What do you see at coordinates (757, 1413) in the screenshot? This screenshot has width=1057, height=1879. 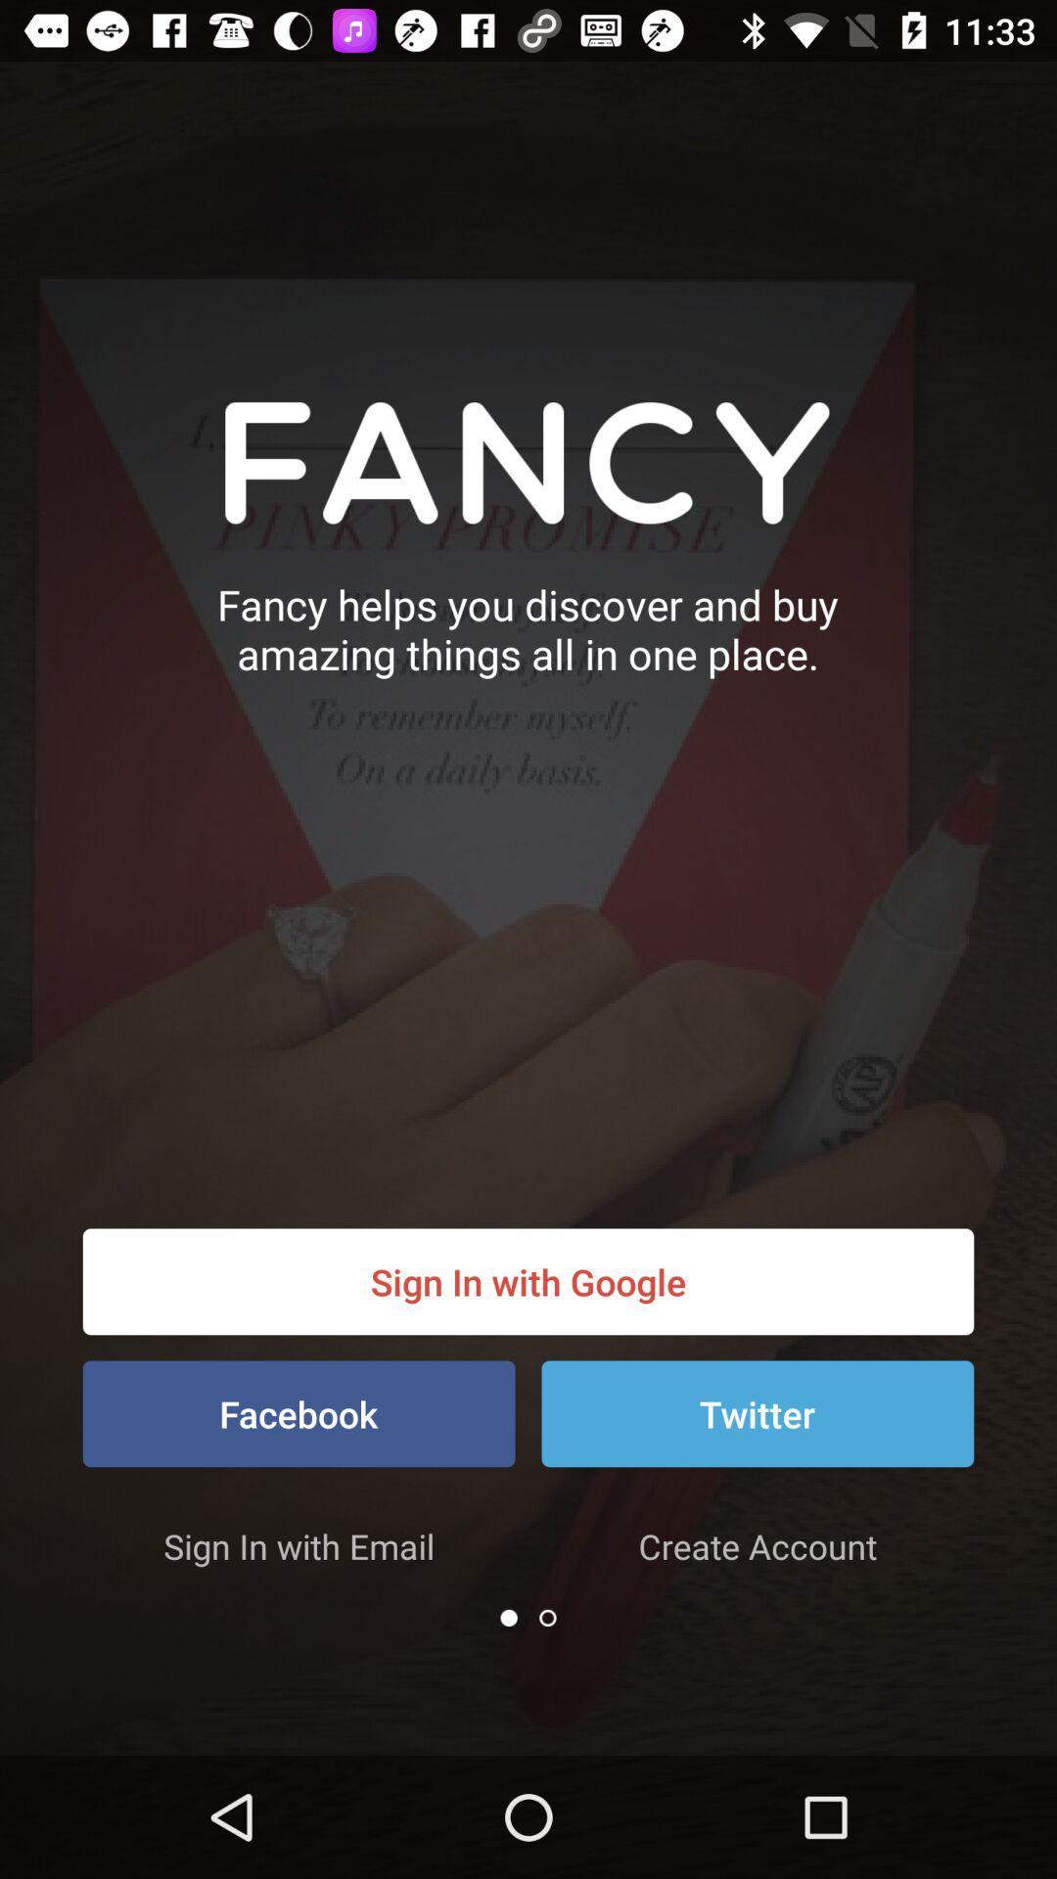 I see `the icon next to facebook item` at bounding box center [757, 1413].